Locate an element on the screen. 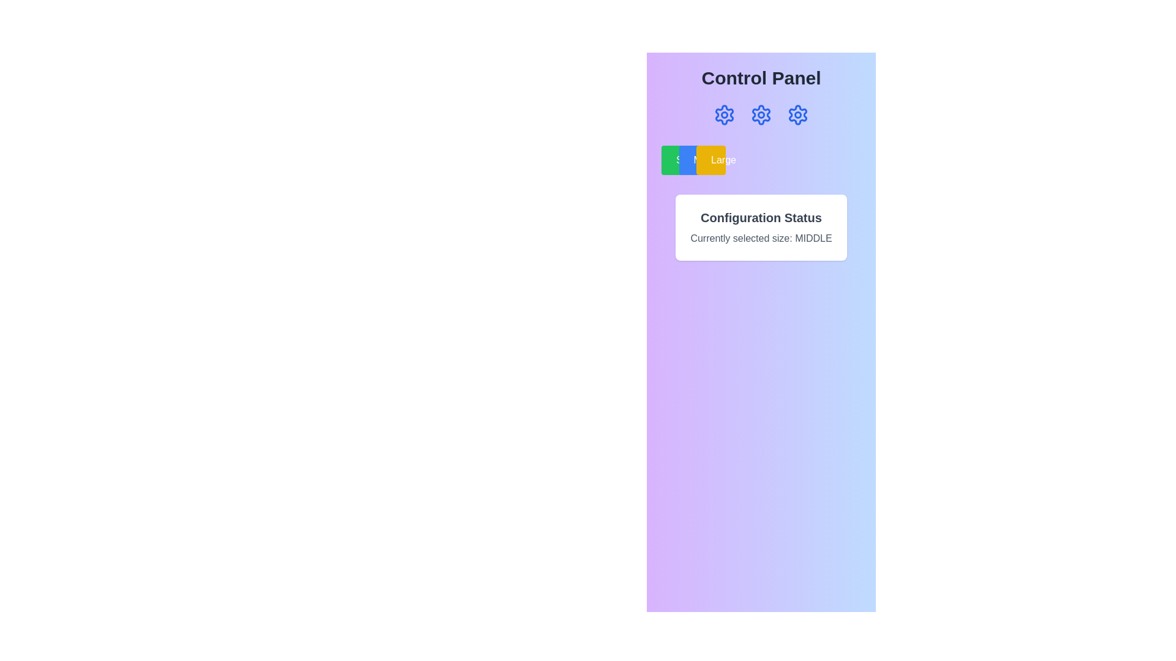 The width and height of the screenshot is (1176, 661). the third gear icon in the control panel to trigger the tooltip is located at coordinates (797, 115).